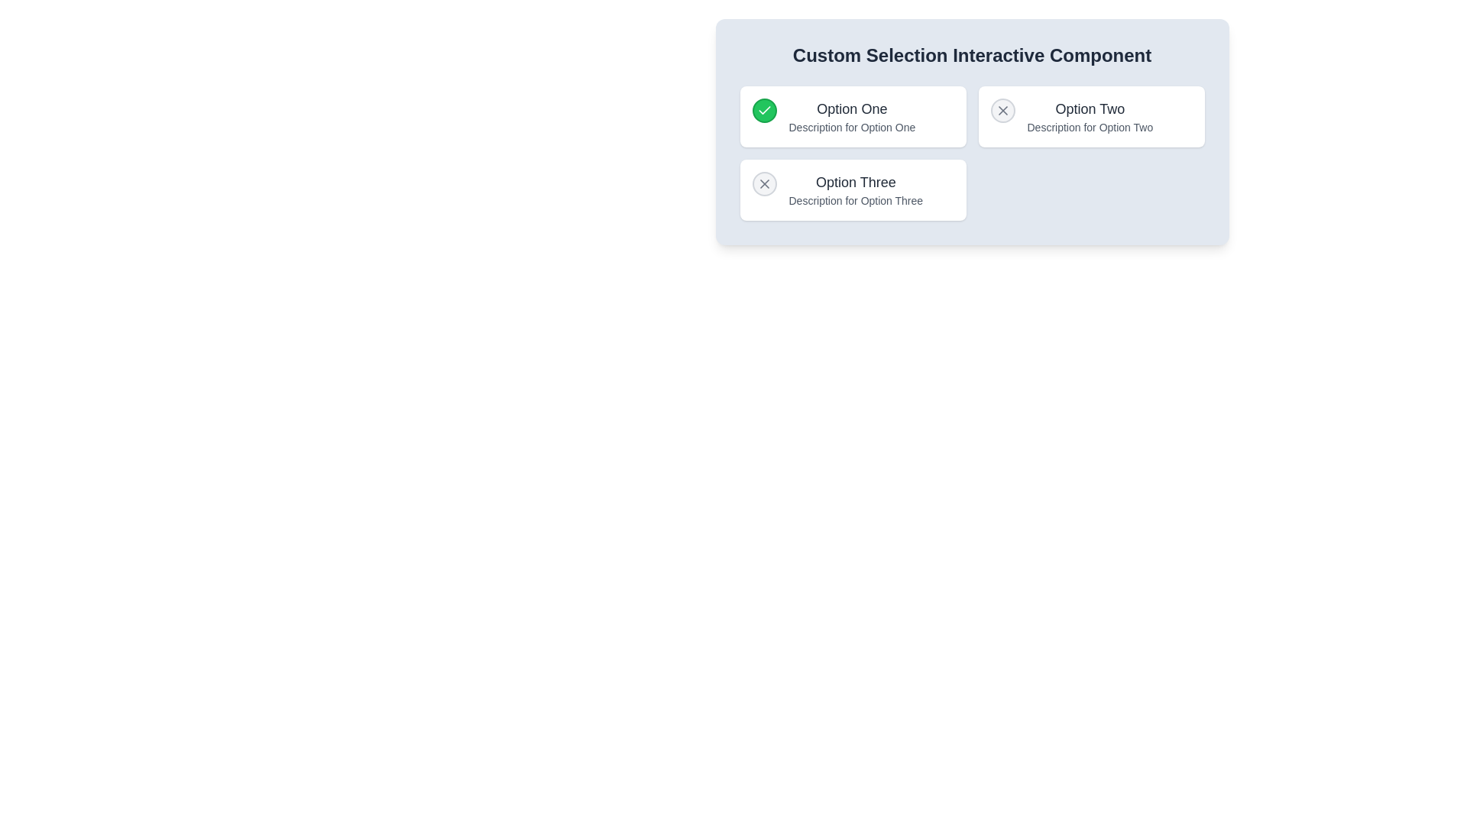  Describe the element at coordinates (764, 110) in the screenshot. I see `the SVG icon indicating the selected state for 'Option One'` at that location.